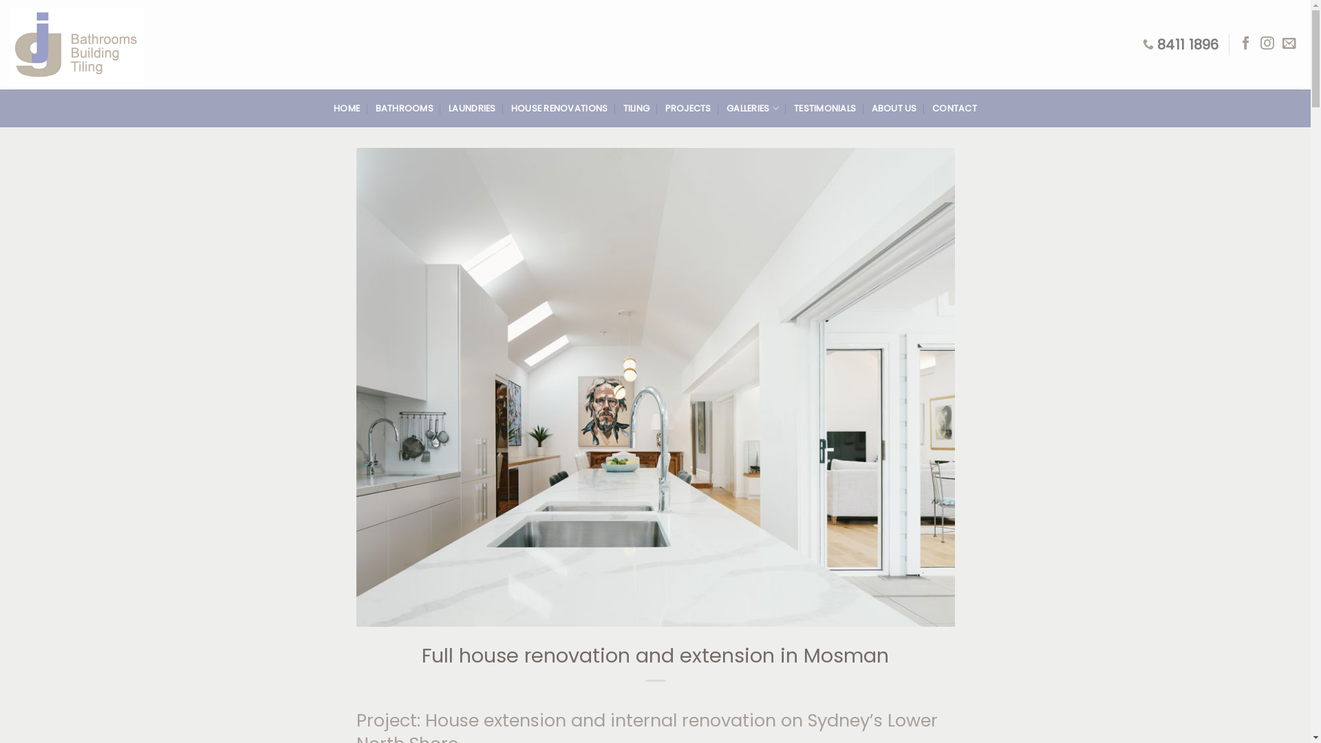  Describe the element at coordinates (347, 108) in the screenshot. I see `'HOME'` at that location.